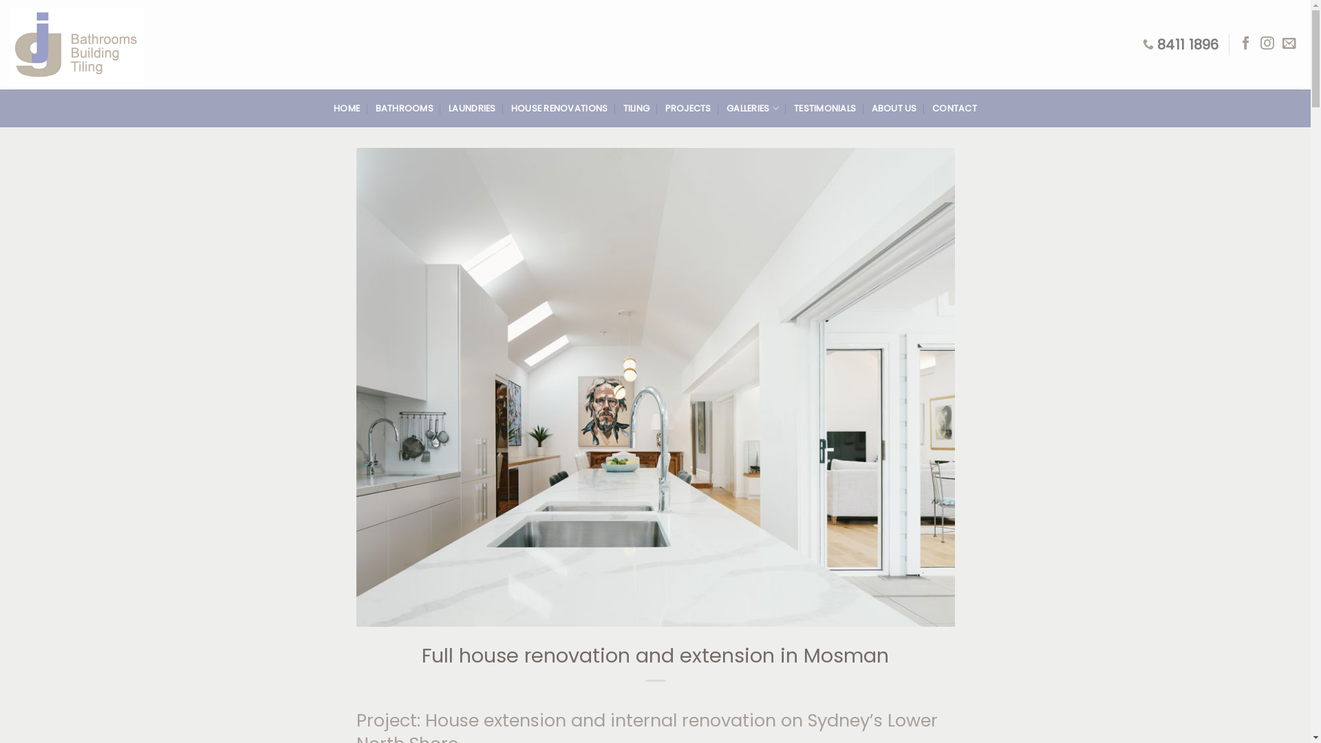  Describe the element at coordinates (347, 108) in the screenshot. I see `'HOME'` at that location.